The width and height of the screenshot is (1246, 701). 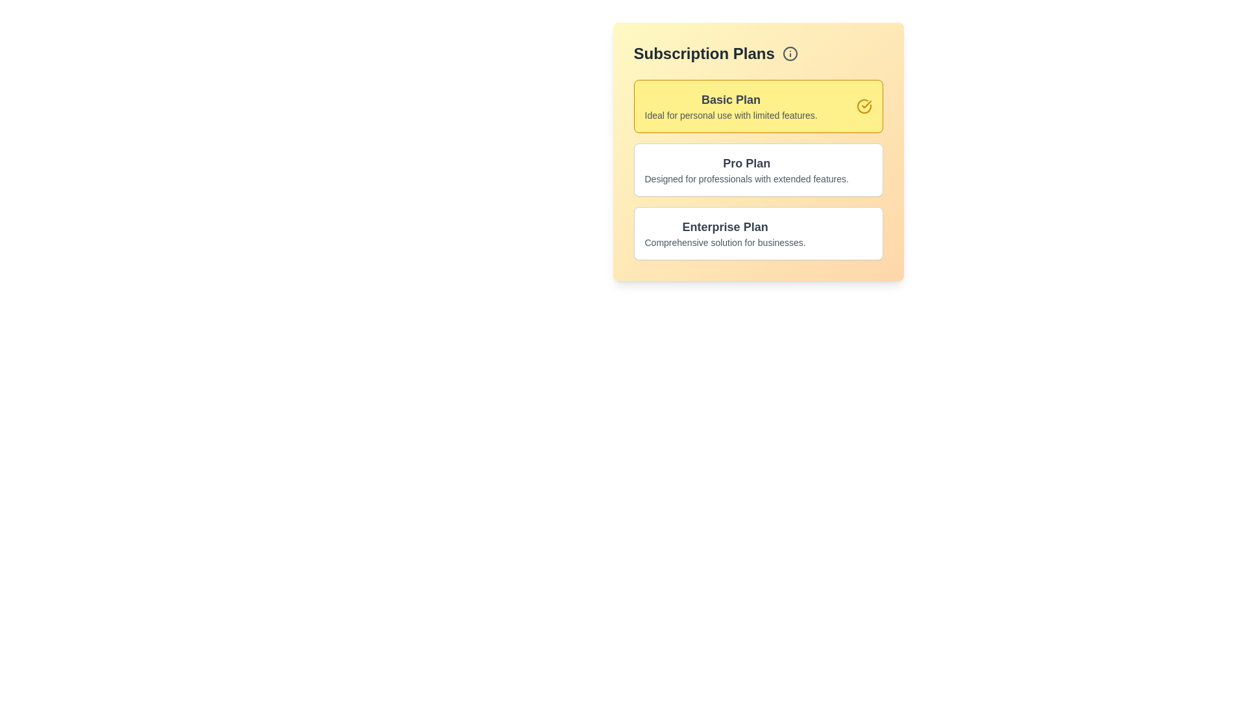 I want to click on the 'Subscription Plans' header text element to interact with nearby elements for selecting subscription options, so click(x=703, y=53).